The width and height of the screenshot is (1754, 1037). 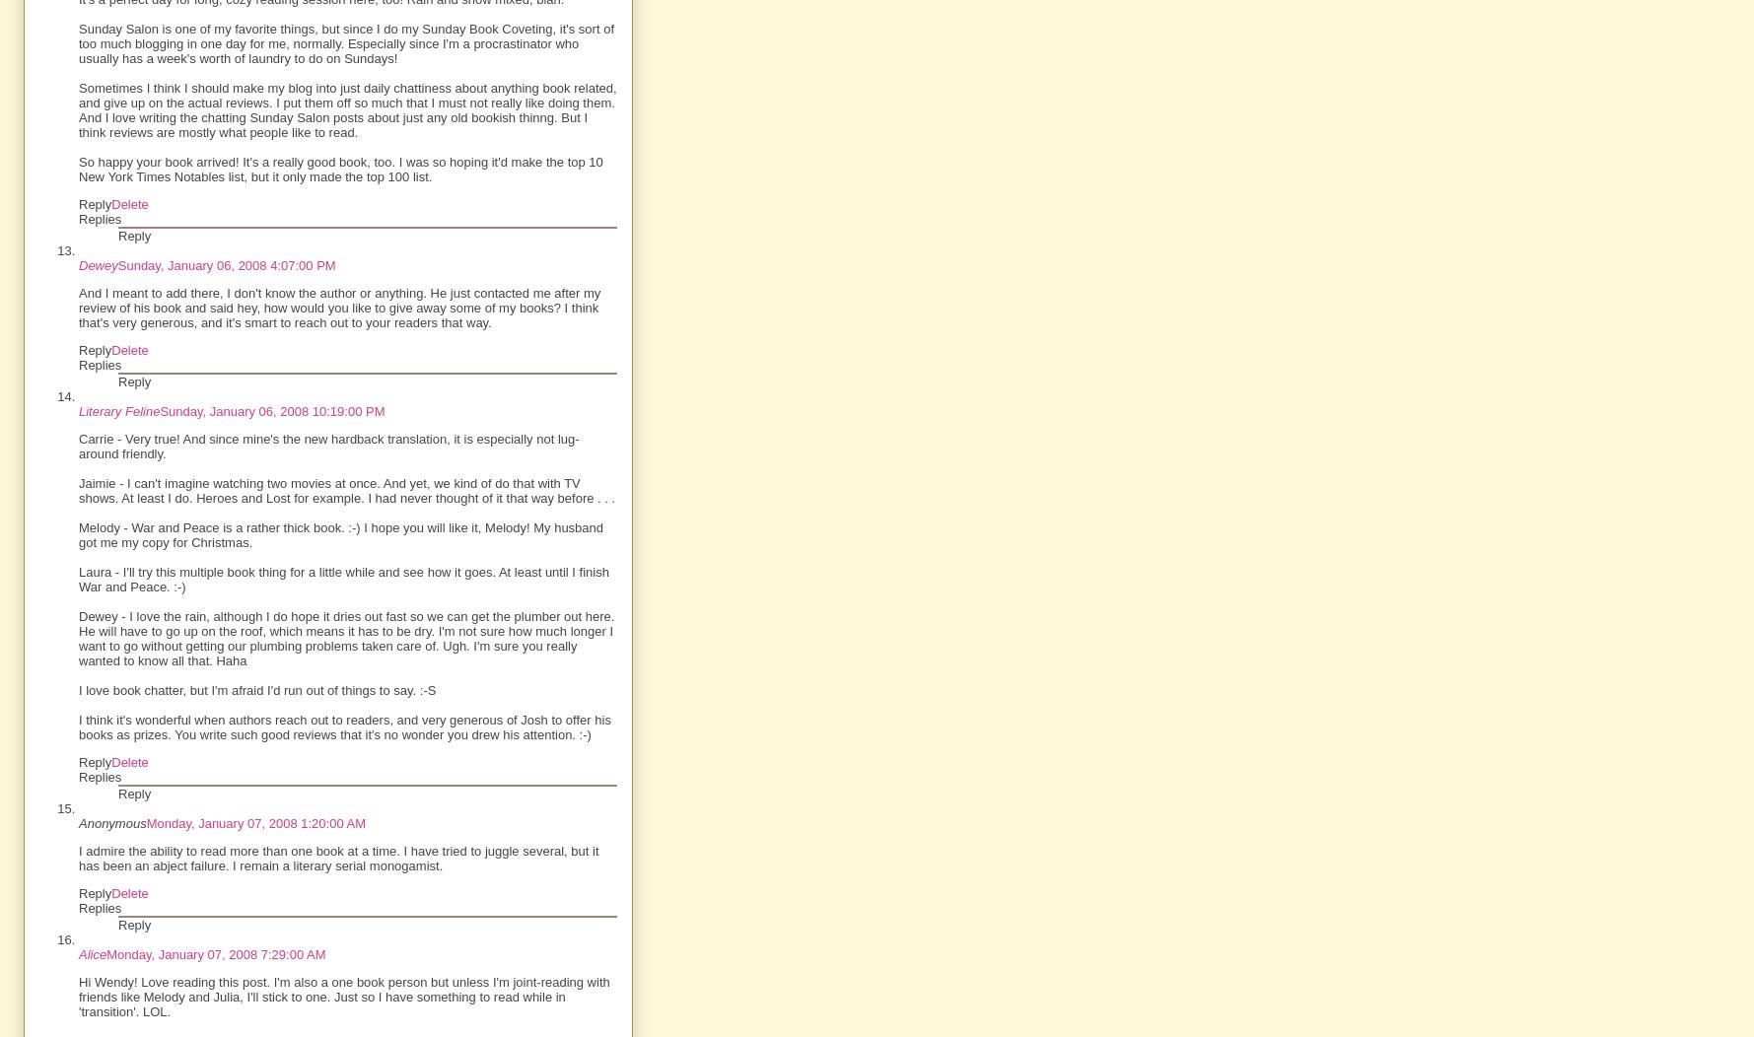 What do you see at coordinates (116, 265) in the screenshot?
I see `'Sunday, January 06, 2008 4:07:00 PM'` at bounding box center [116, 265].